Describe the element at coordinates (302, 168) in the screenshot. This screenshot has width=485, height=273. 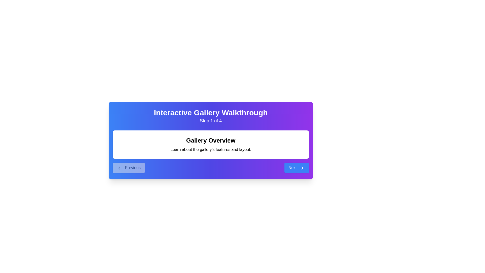
I see `the rightwards chevron arrow icon located within the 'Next' button at the bottom-right corner of the modal` at that location.